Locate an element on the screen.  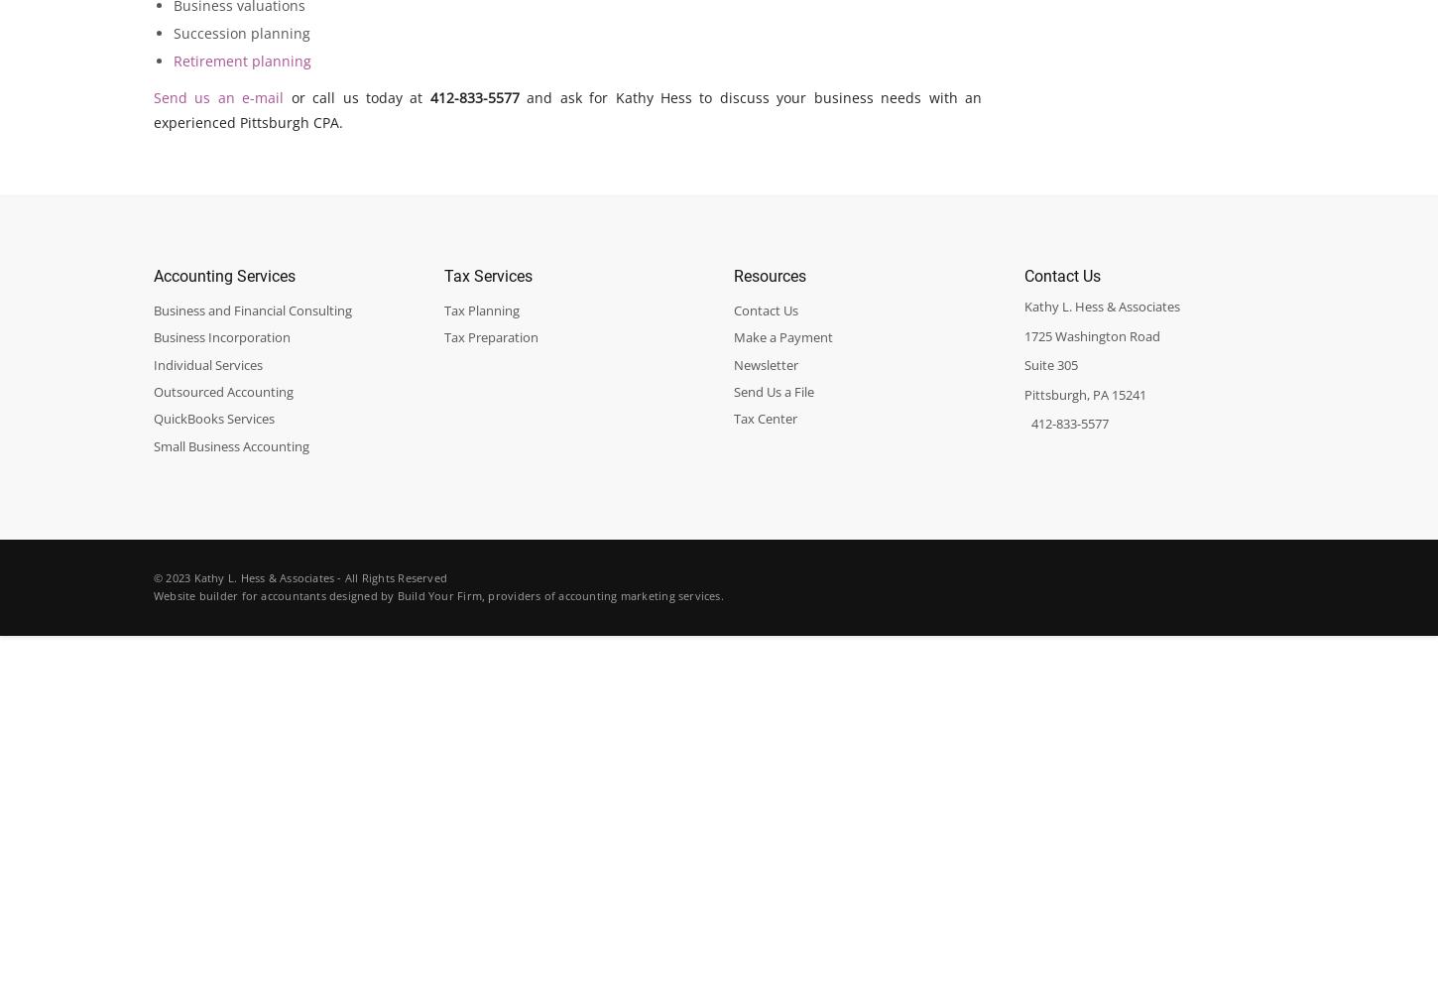
'Suite 305' is located at coordinates (1049, 364).